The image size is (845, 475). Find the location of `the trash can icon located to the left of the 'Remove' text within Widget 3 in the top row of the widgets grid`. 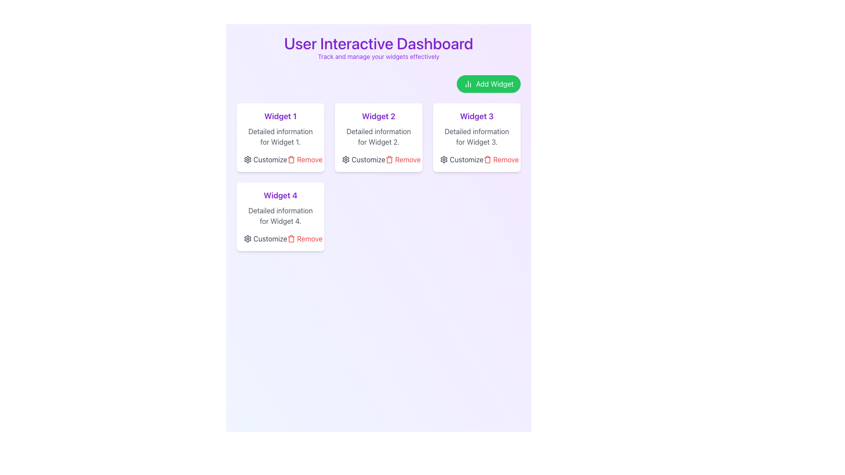

the trash can icon located to the left of the 'Remove' text within Widget 3 in the top row of the widgets grid is located at coordinates (487, 159).